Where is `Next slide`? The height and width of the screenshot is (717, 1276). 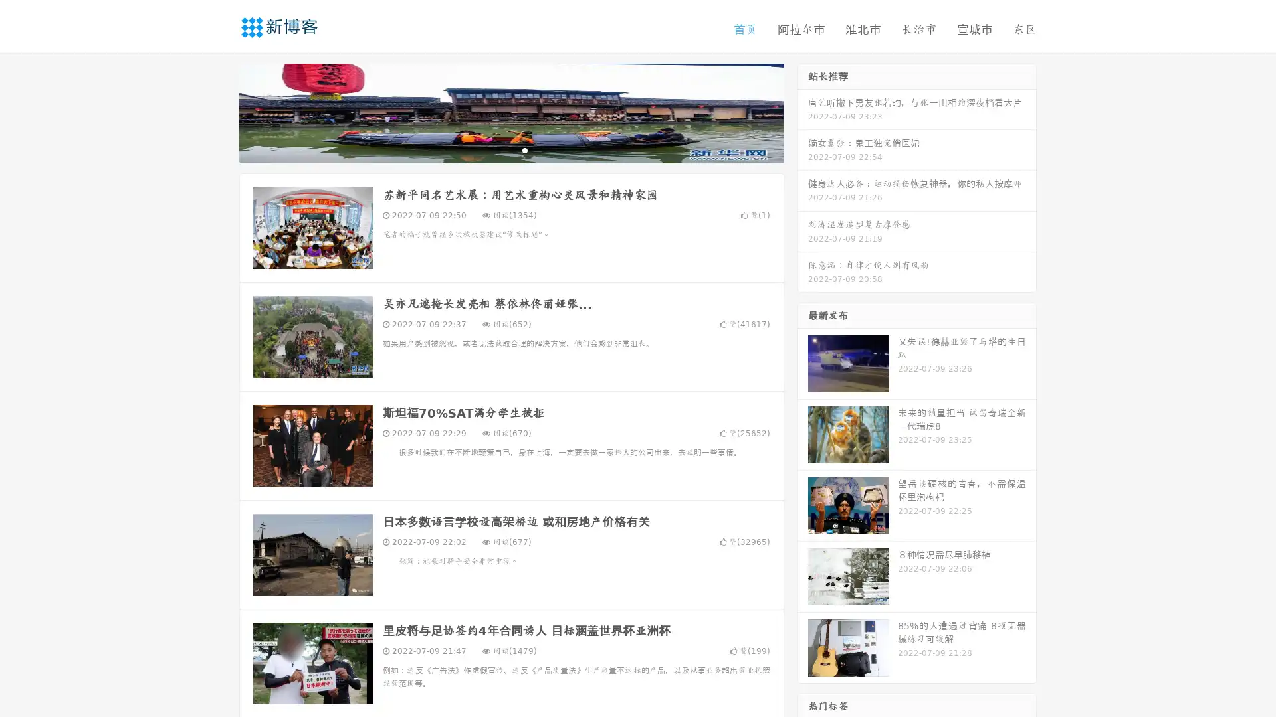
Next slide is located at coordinates (803, 112).